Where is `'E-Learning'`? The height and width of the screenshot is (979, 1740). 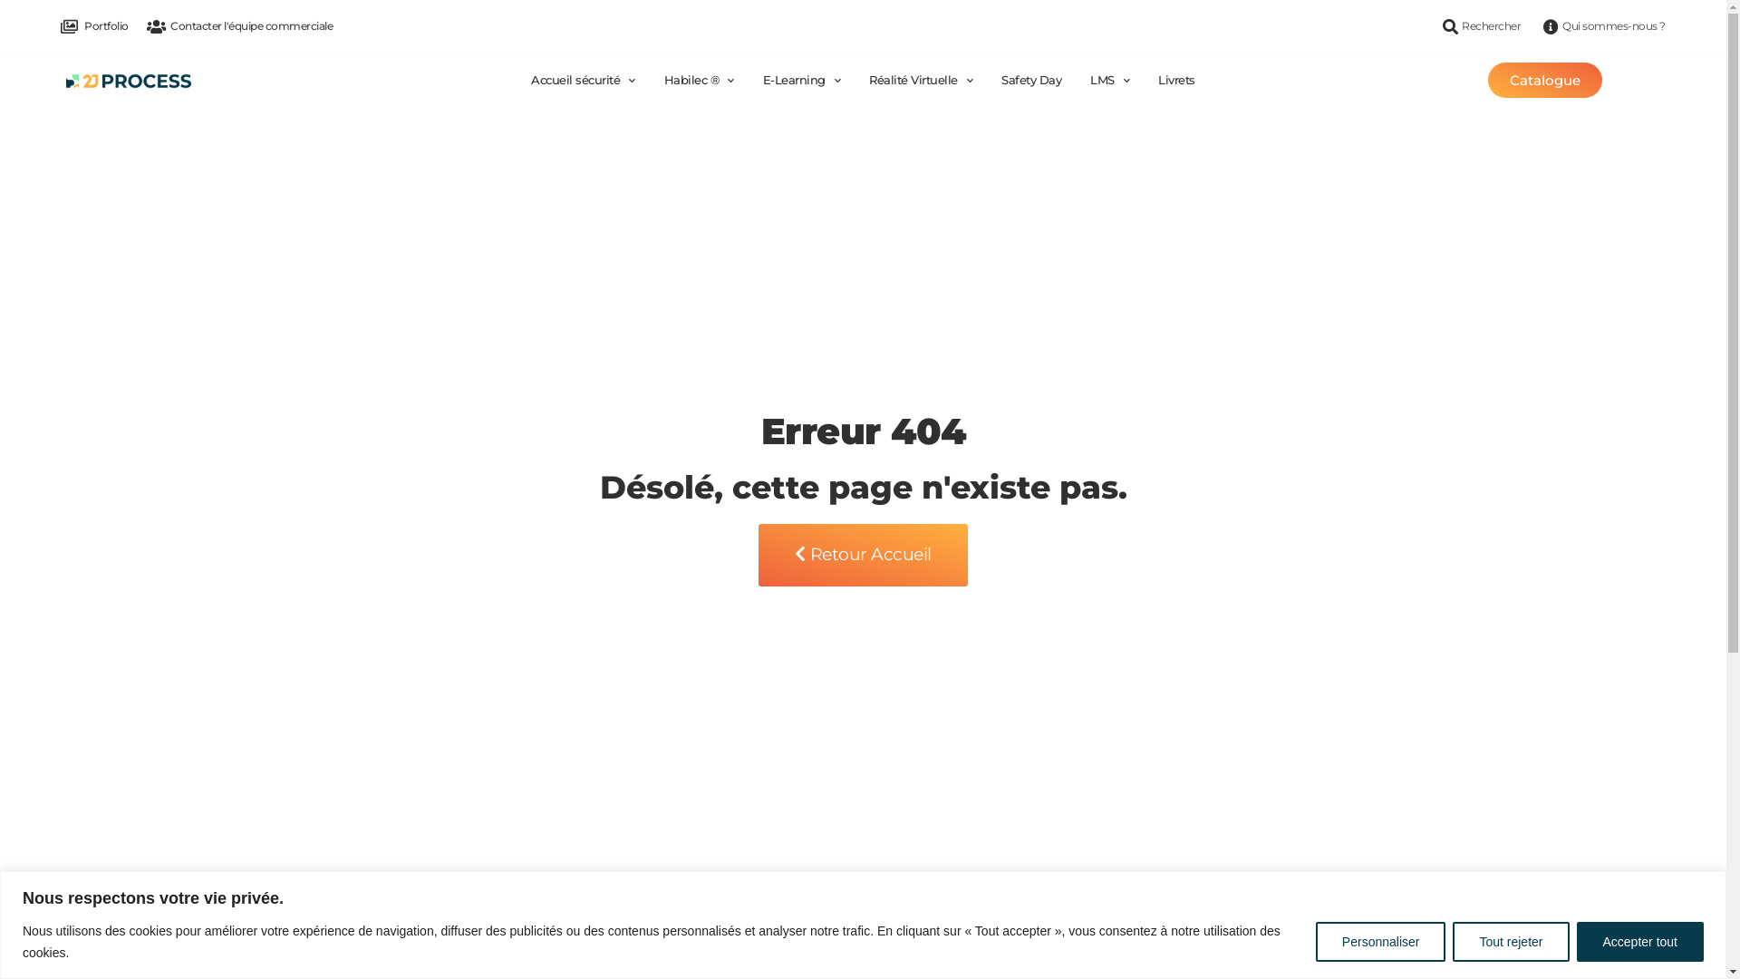 'E-Learning' is located at coordinates (762, 79).